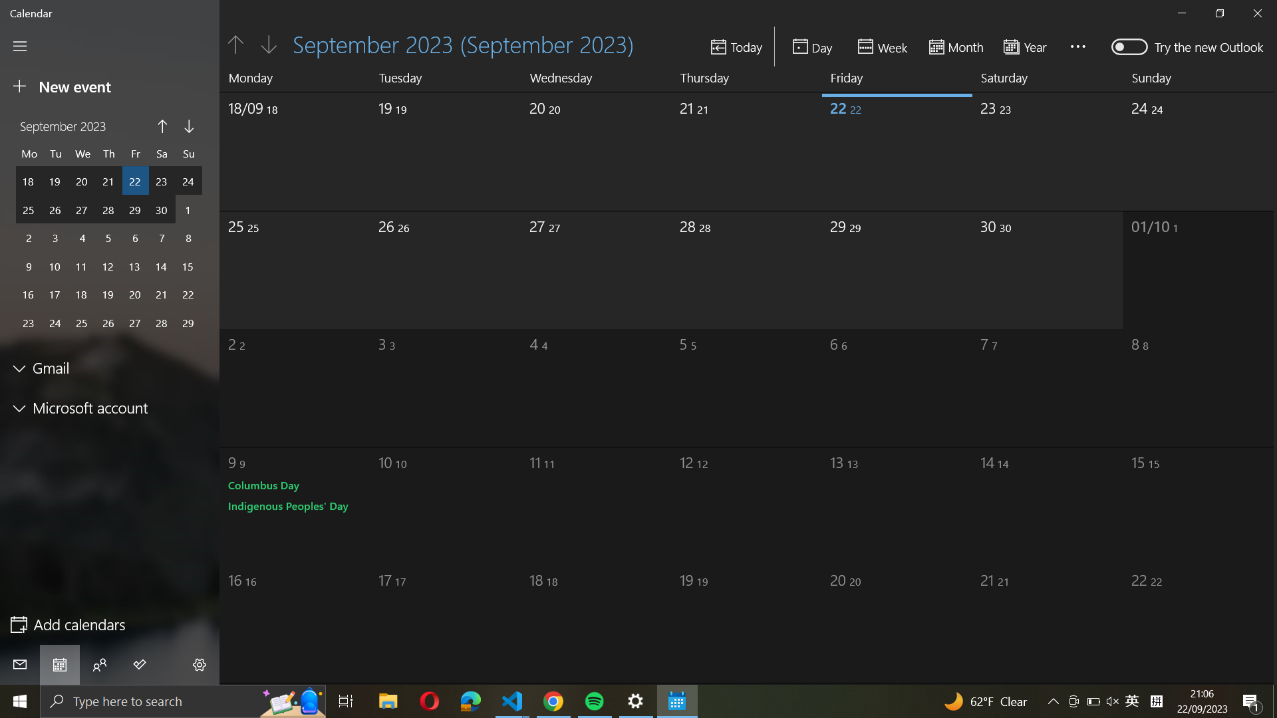 The image size is (1277, 718). I want to click on the date 18/09, so click(283, 146).